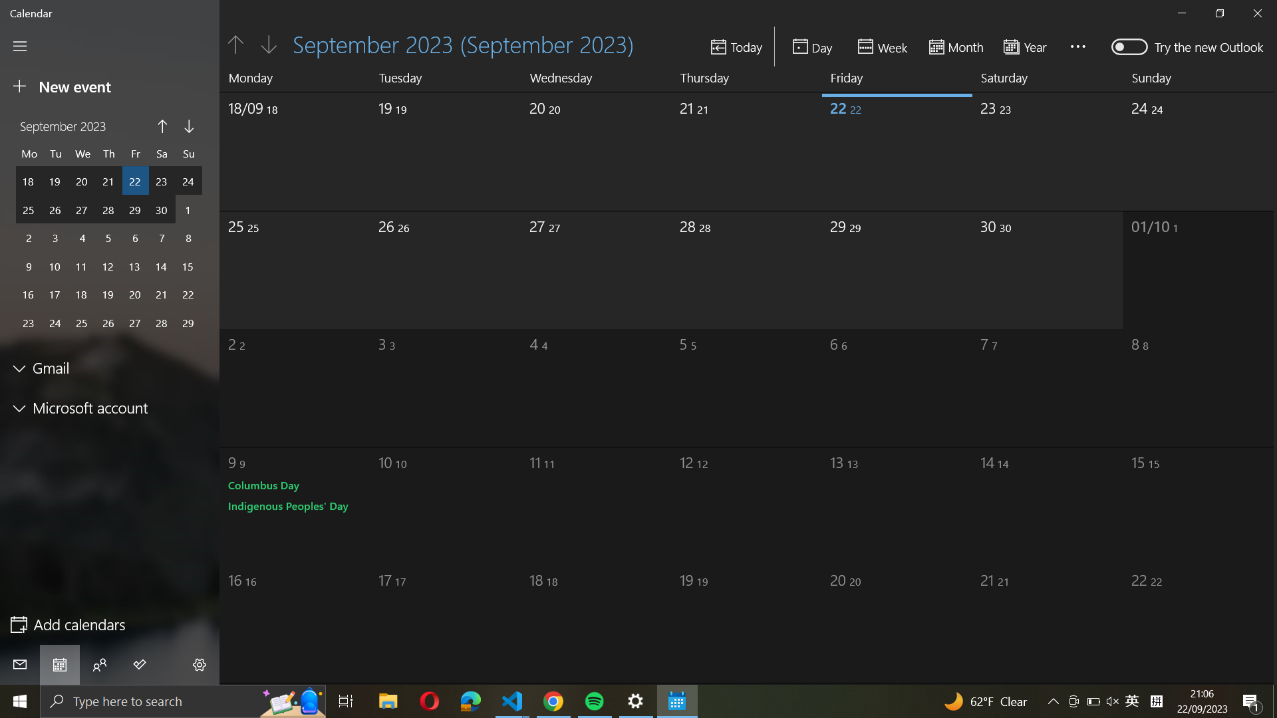 The image size is (1277, 718). I want to click on the date 18/09, so click(283, 146).